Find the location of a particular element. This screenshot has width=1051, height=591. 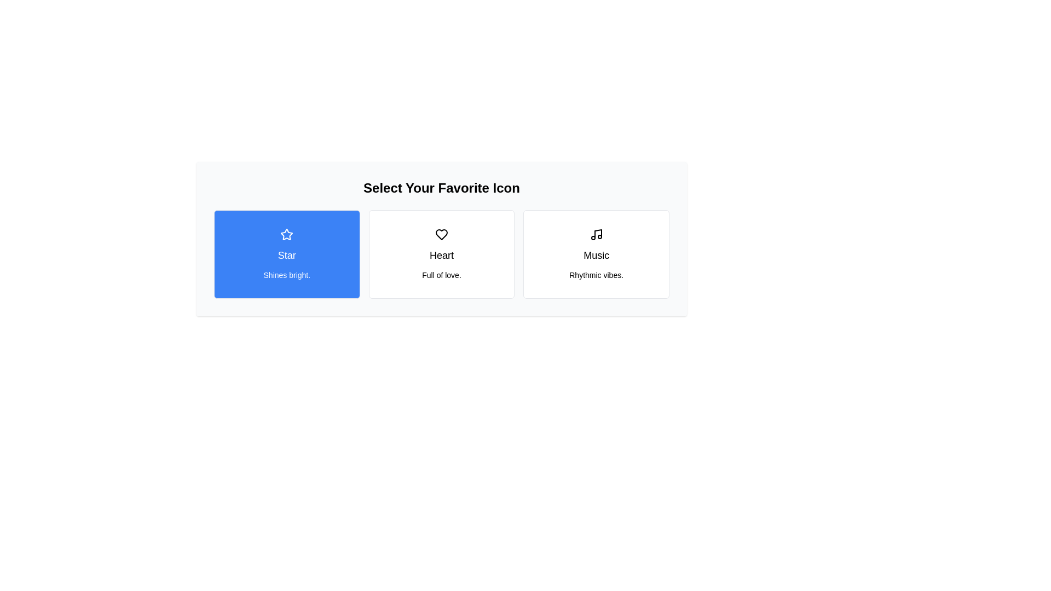

the heart-shaped icon with a black outline, which is located above the text 'Heart' in the second card of a group of three horizontally aligned cards is located at coordinates (441, 234).